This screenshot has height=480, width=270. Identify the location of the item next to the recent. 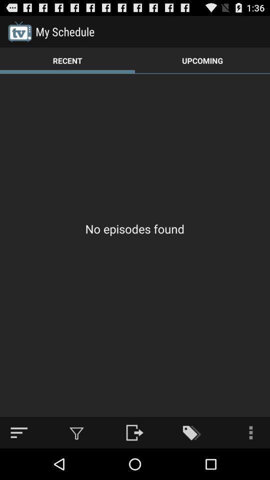
(202, 60).